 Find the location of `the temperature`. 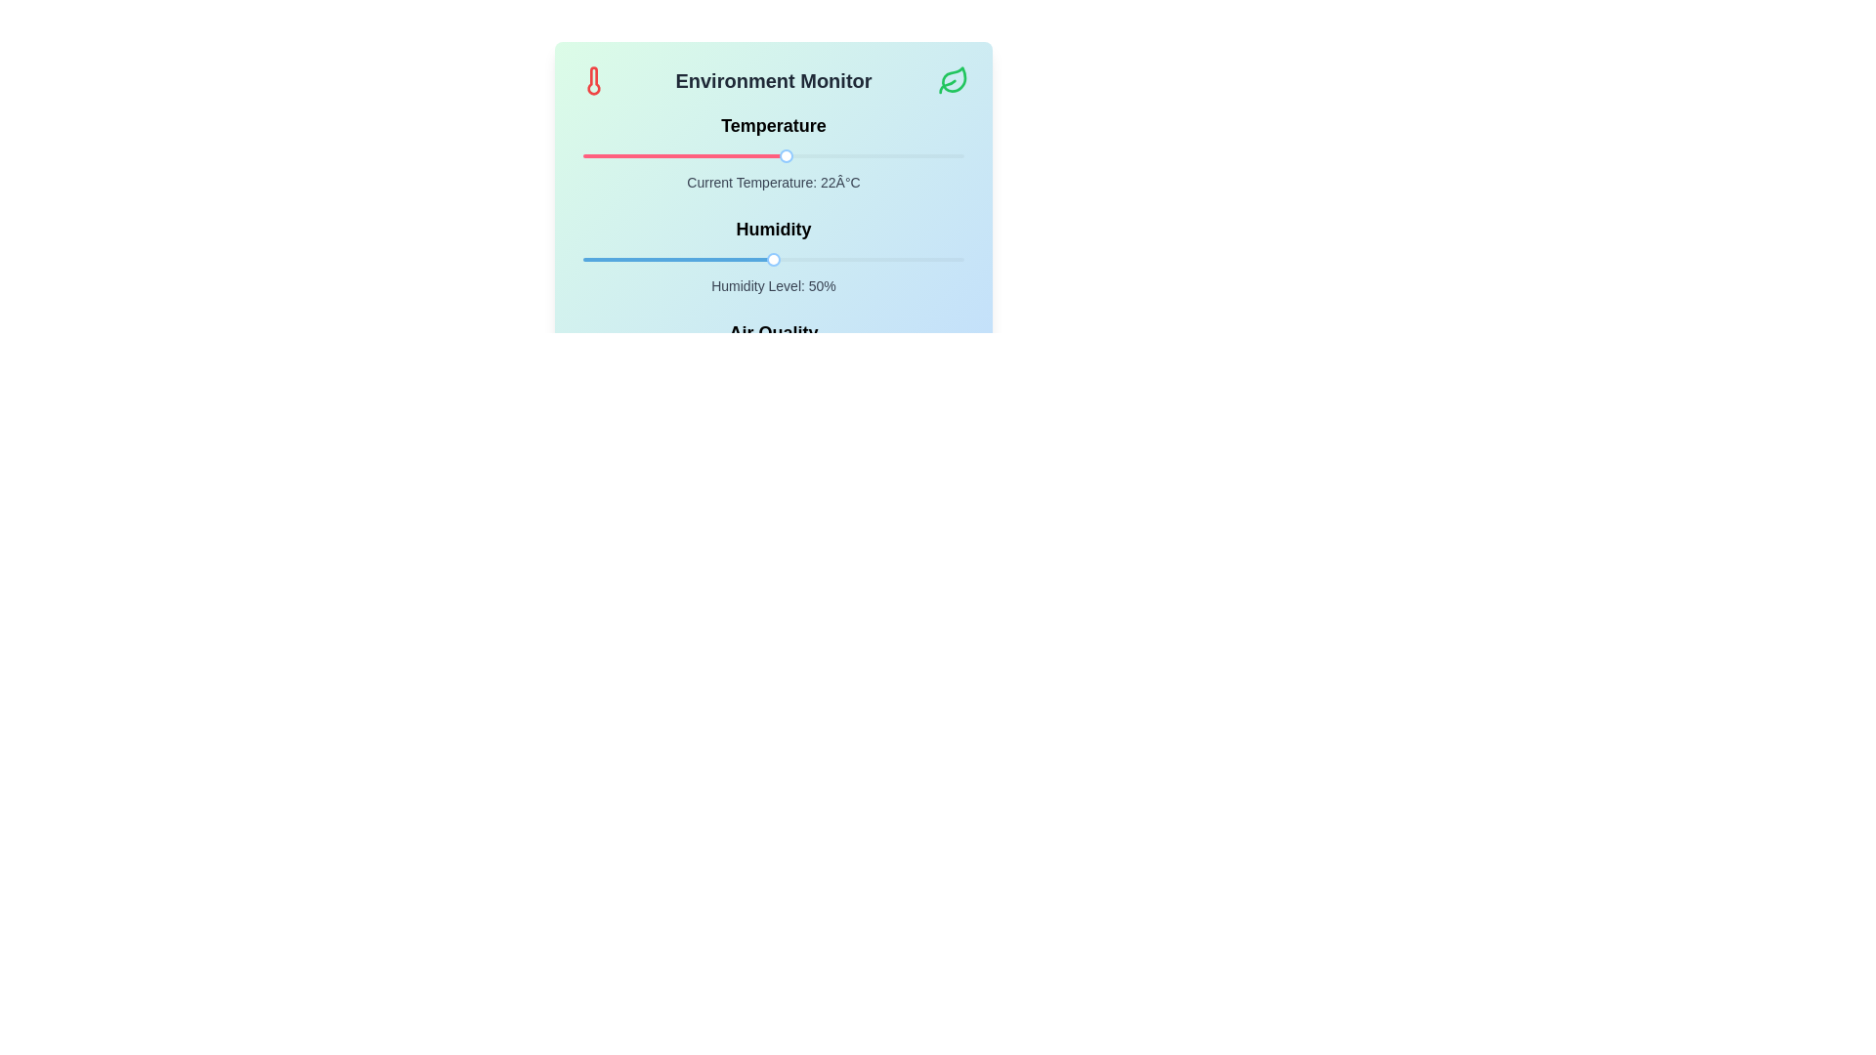

the temperature is located at coordinates (601, 154).